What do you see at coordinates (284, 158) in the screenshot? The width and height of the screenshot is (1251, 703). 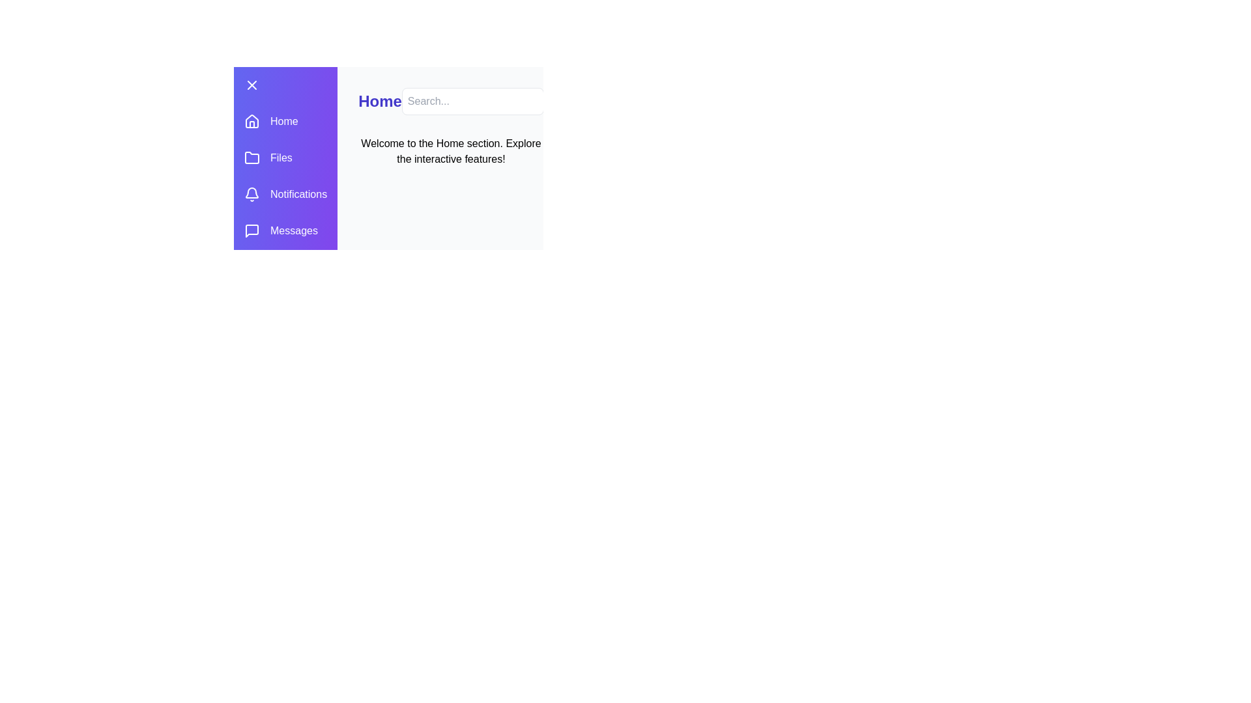 I see `the tab Files from the drawer to navigate to its respective section` at bounding box center [284, 158].